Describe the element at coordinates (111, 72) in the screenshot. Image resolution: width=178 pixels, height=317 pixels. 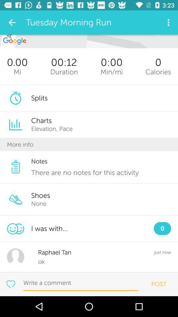
I see `min/mi item` at that location.